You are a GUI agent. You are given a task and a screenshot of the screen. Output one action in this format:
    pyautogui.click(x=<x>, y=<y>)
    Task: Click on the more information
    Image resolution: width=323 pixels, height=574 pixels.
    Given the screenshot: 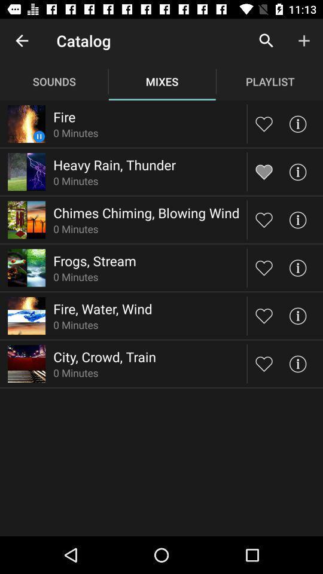 What is the action you would take?
    pyautogui.click(x=297, y=171)
    